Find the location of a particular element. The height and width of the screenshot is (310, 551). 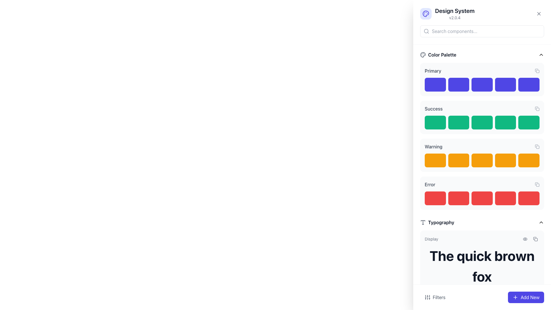

the 'Filters' button located at the bottom left of the interface is located at coordinates (427, 297).